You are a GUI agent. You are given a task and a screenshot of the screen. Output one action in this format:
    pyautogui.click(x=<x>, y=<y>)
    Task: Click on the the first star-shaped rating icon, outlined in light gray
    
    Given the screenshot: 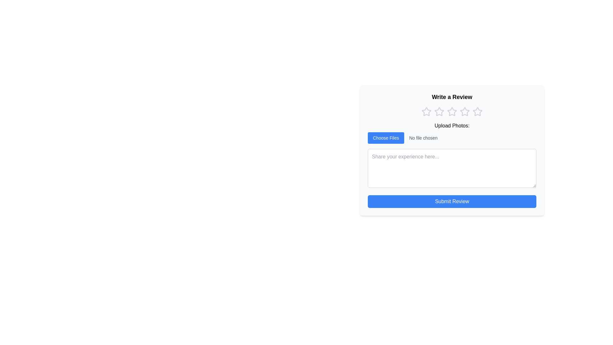 What is the action you would take?
    pyautogui.click(x=426, y=111)
    